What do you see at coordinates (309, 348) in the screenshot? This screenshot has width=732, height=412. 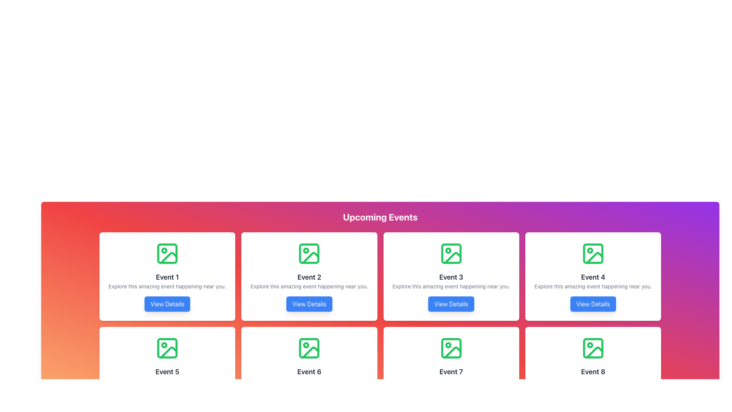 I see `the image icon symbolizing a mountain and sun, styled in green, located at the top center of the card for 'Event 6'` at bounding box center [309, 348].